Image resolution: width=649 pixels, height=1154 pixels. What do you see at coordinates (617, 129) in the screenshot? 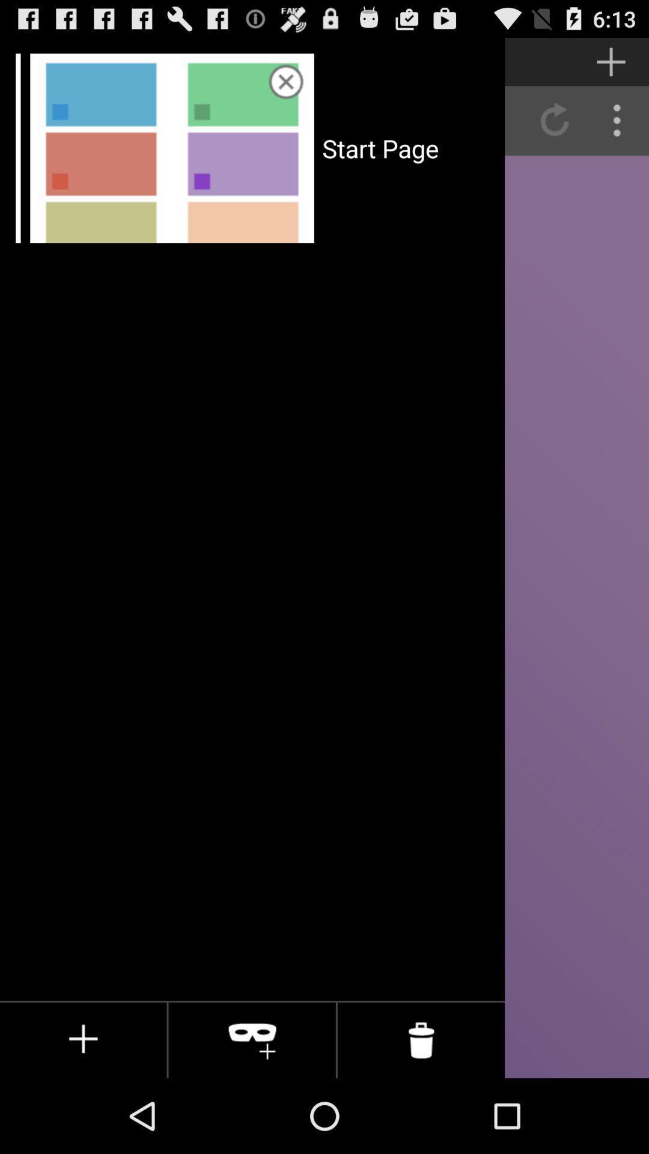
I see `the more icon` at bounding box center [617, 129].